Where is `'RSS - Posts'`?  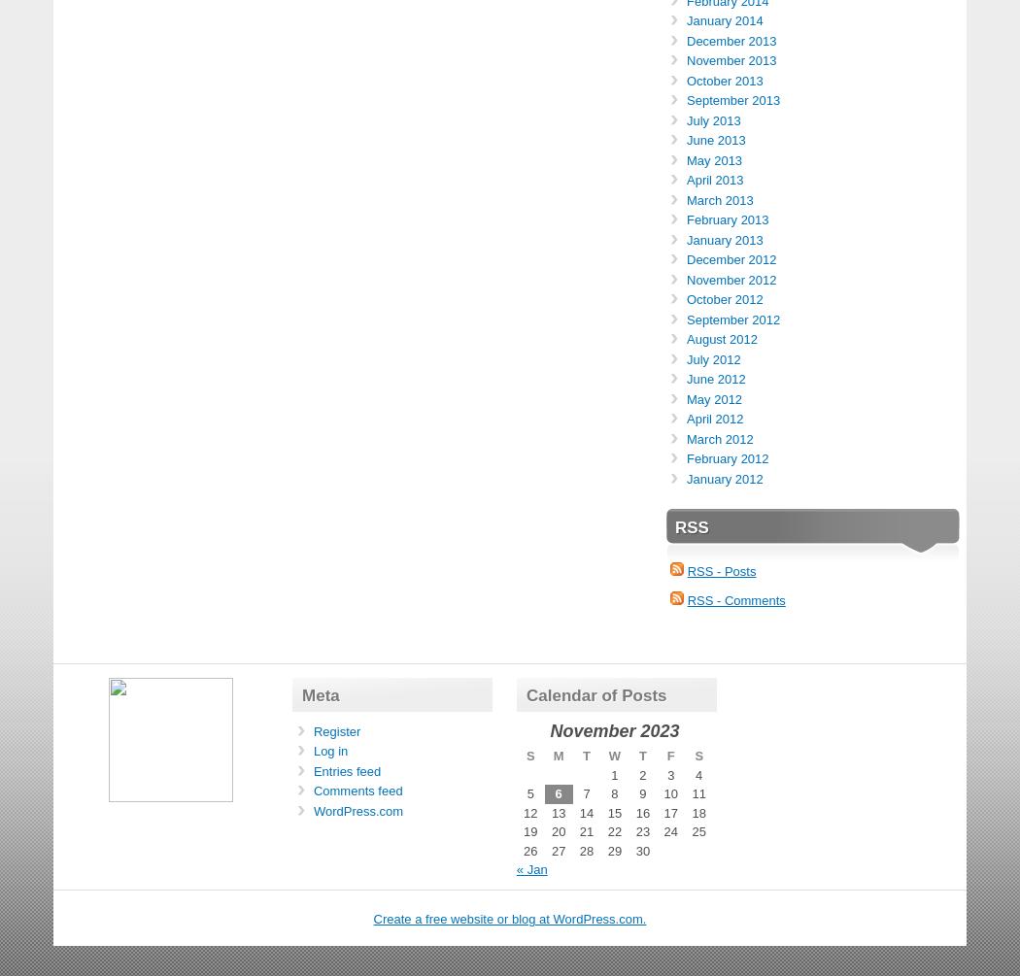
'RSS - Posts' is located at coordinates (720, 570).